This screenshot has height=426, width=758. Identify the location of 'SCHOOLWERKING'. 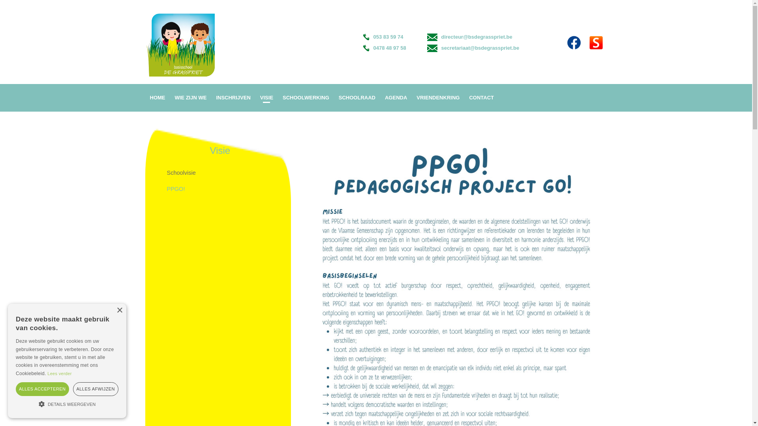
(305, 97).